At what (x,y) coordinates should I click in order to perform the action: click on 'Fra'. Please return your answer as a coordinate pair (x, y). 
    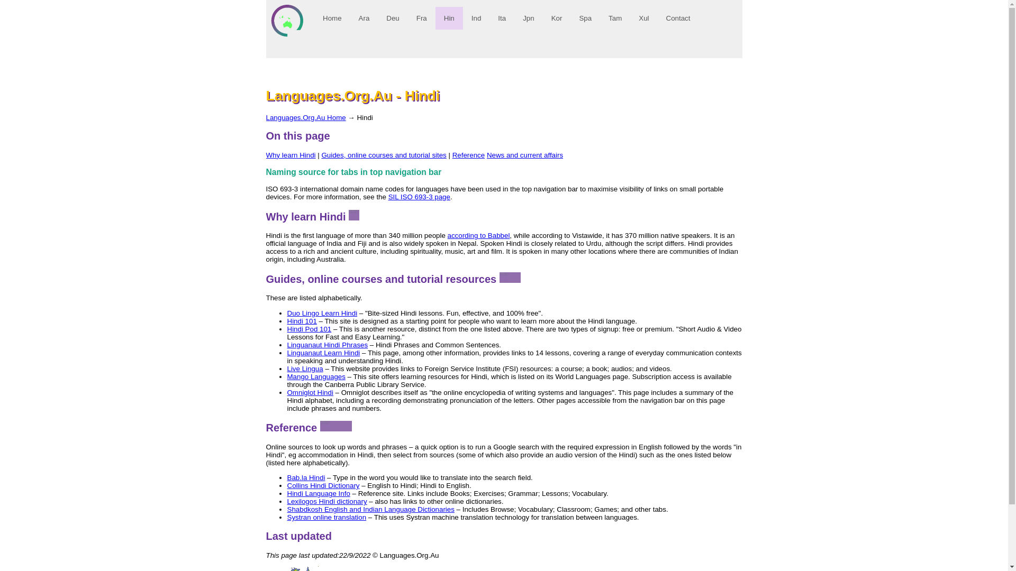
    Looking at the image, I should click on (421, 18).